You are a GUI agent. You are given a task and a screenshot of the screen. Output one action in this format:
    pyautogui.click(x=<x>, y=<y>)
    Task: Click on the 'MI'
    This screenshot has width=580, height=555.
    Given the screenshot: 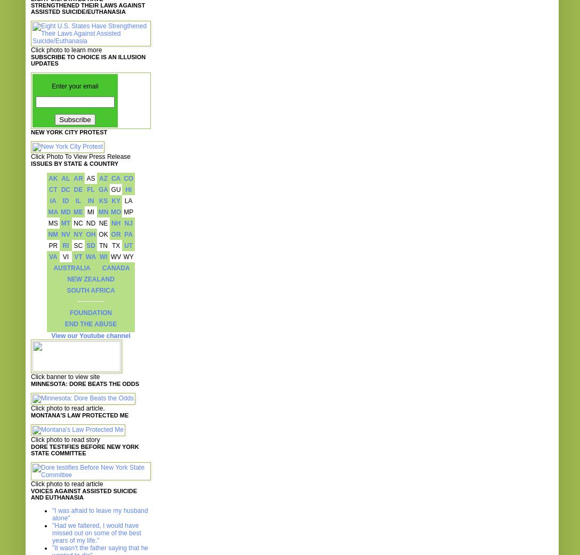 What is the action you would take?
    pyautogui.click(x=90, y=212)
    